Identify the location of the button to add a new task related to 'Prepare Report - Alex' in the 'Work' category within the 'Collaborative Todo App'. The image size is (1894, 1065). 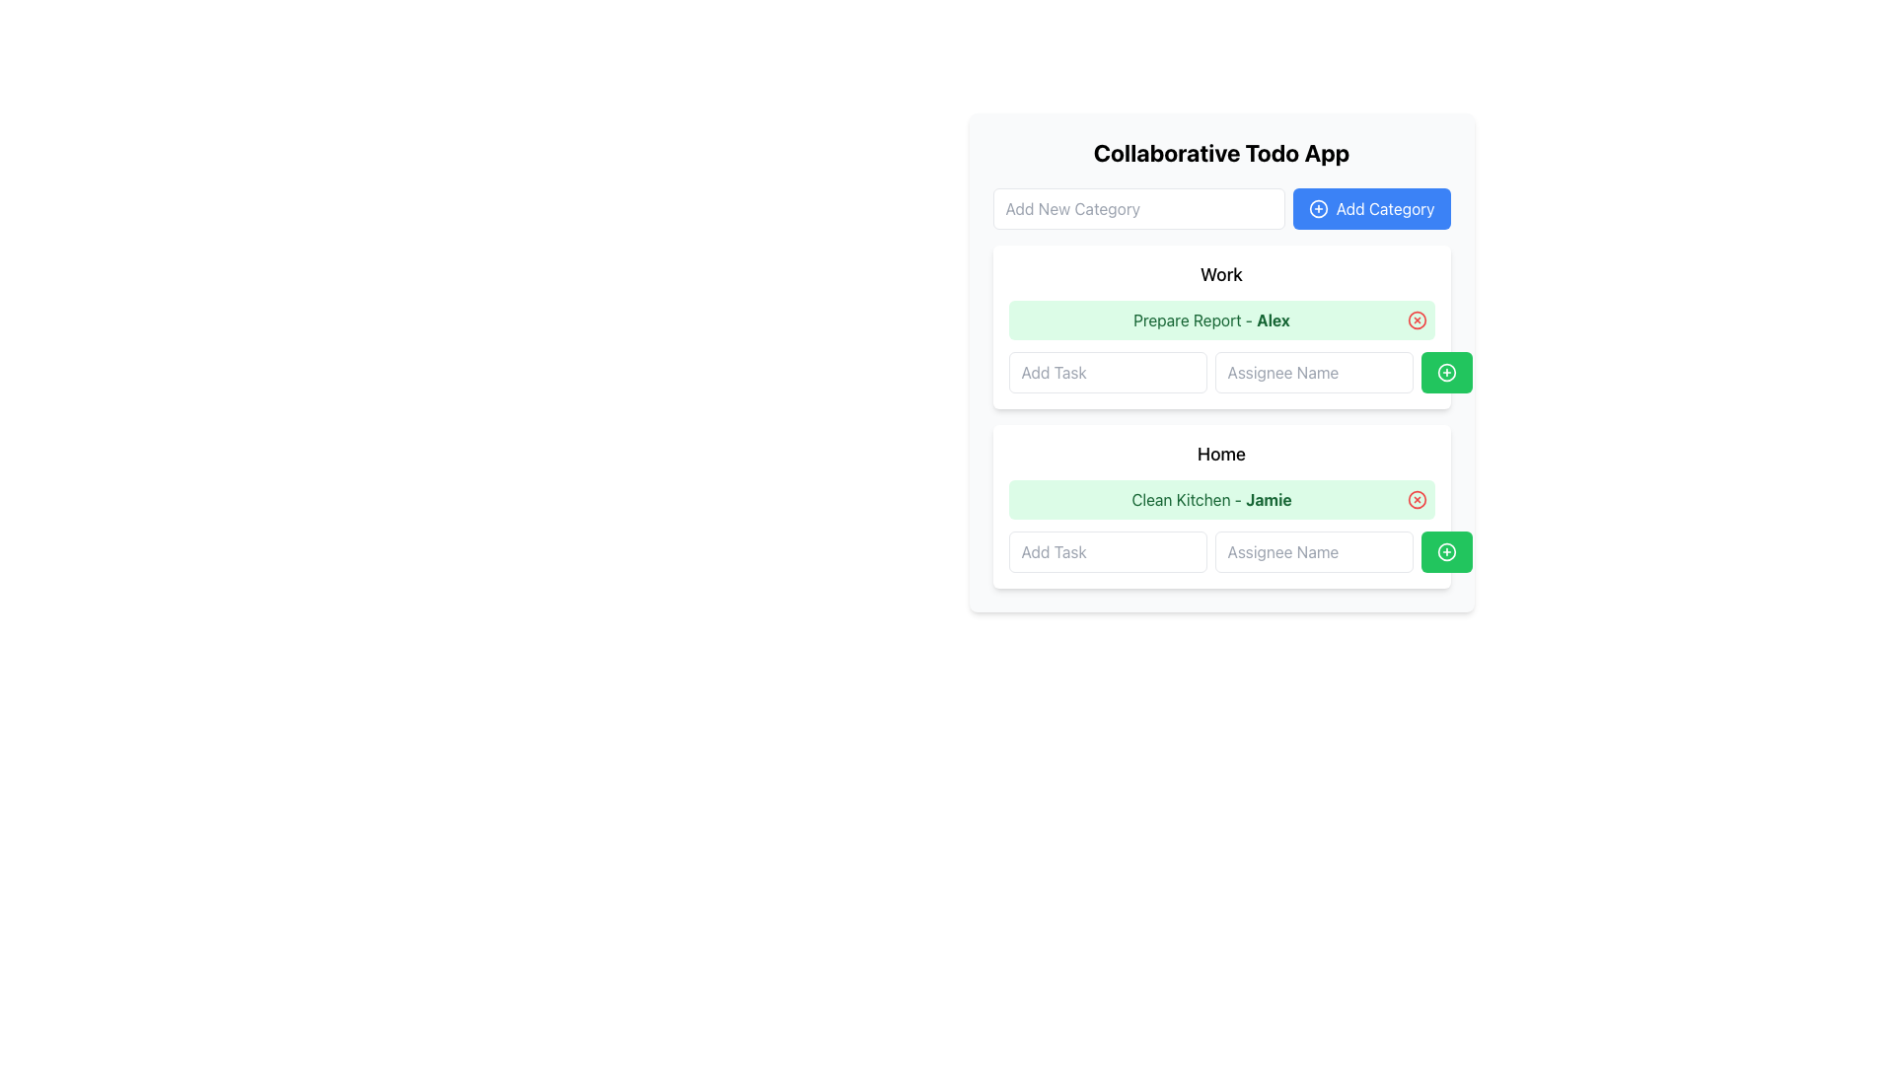
(1446, 373).